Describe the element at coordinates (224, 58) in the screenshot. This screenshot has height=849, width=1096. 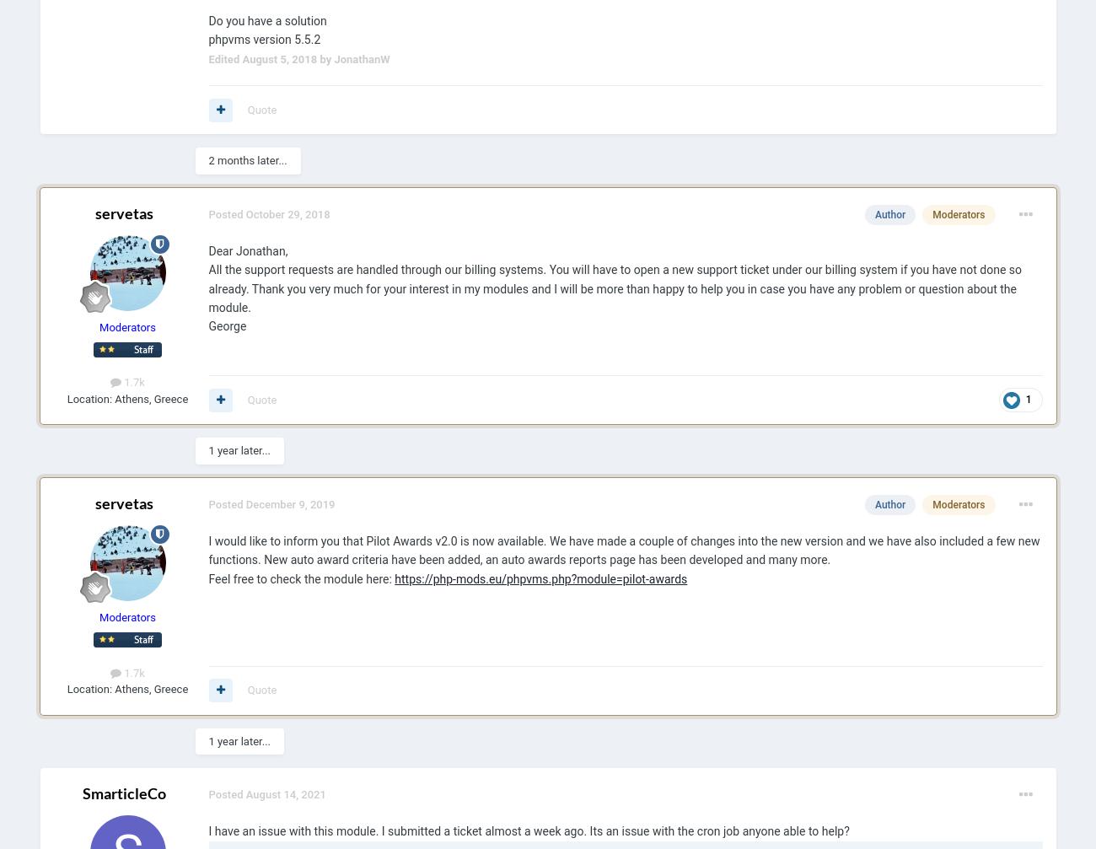
I see `'Edited'` at that location.